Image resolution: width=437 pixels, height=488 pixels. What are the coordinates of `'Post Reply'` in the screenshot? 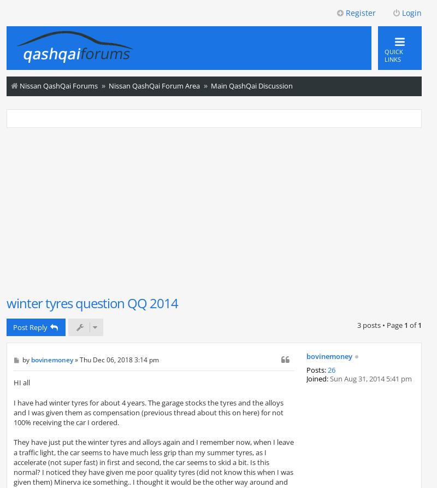 It's located at (29, 327).